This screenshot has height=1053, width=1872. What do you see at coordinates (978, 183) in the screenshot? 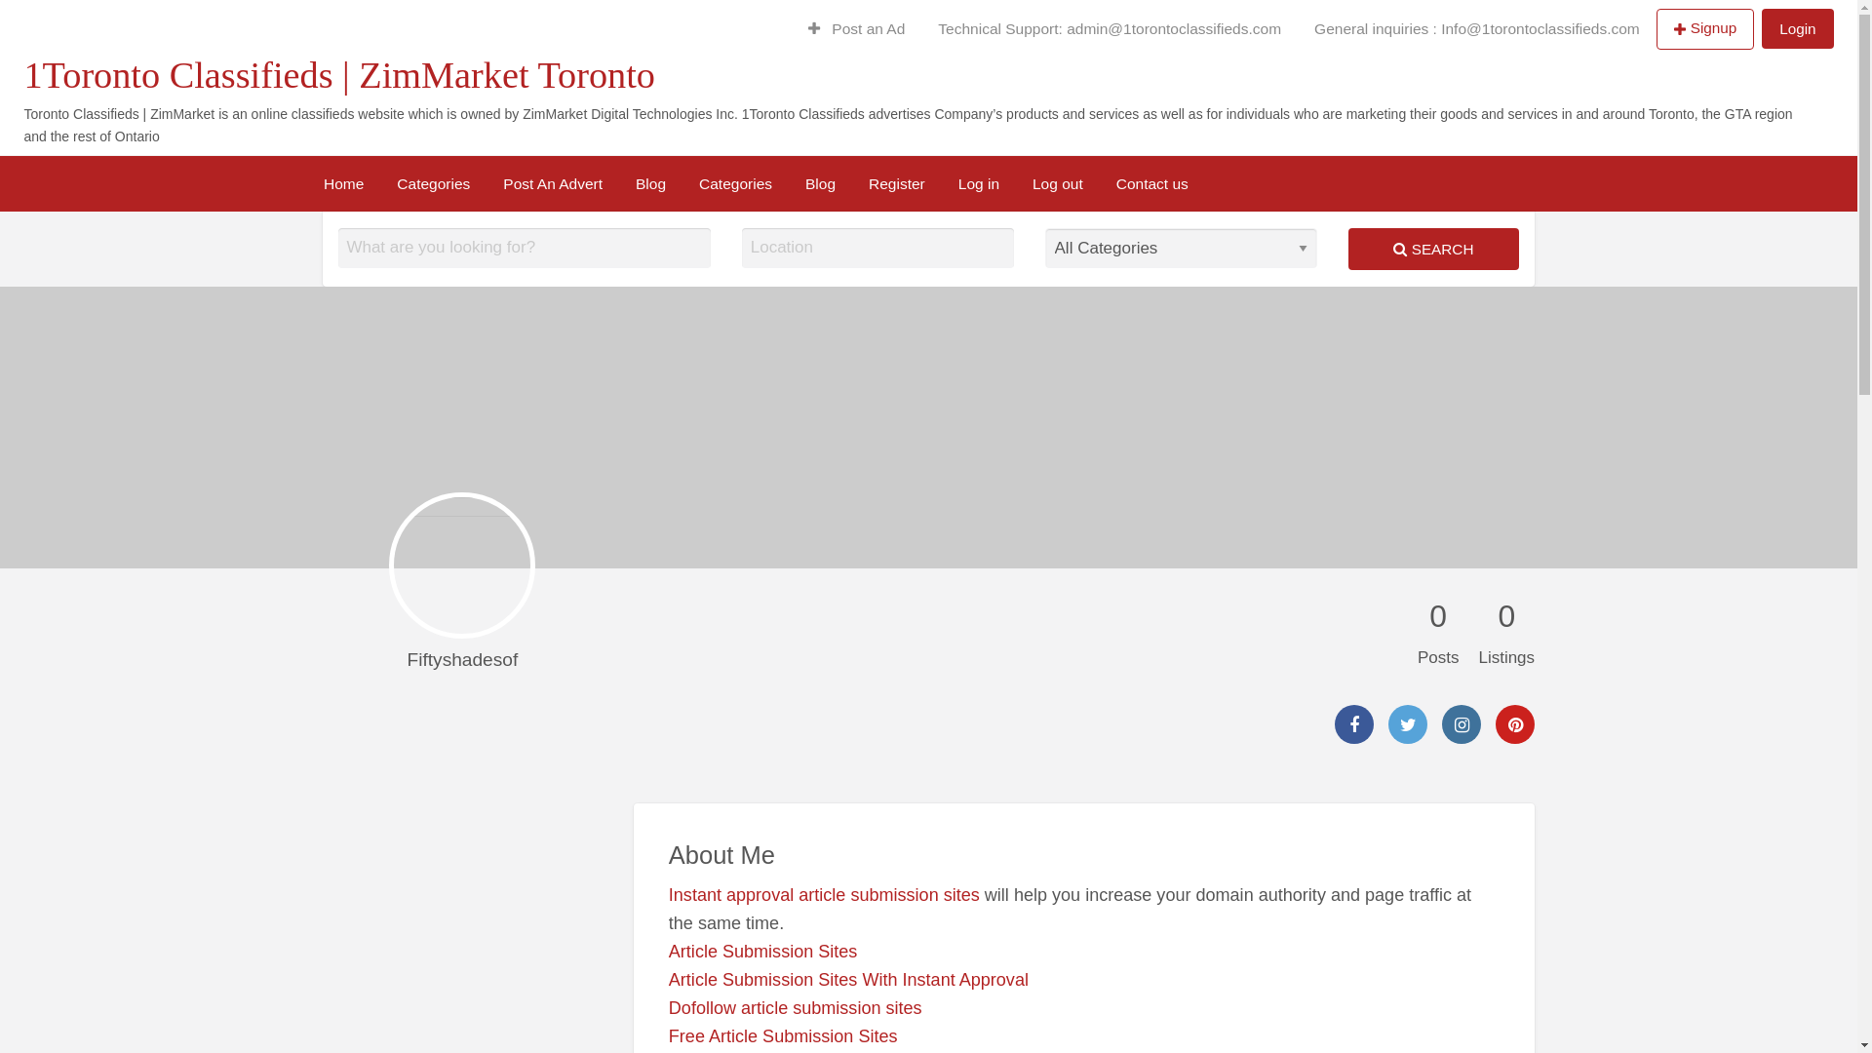
I see `'Log in'` at bounding box center [978, 183].